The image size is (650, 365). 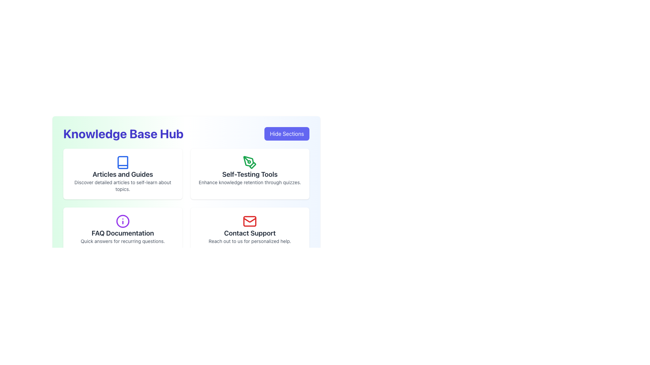 I want to click on the 'Self-Testing Tools' icon located in the second card of the 'Knowledge Base Hub' interface, positioned in the center-right above the label 'Self-Testing Tools', so click(x=250, y=163).